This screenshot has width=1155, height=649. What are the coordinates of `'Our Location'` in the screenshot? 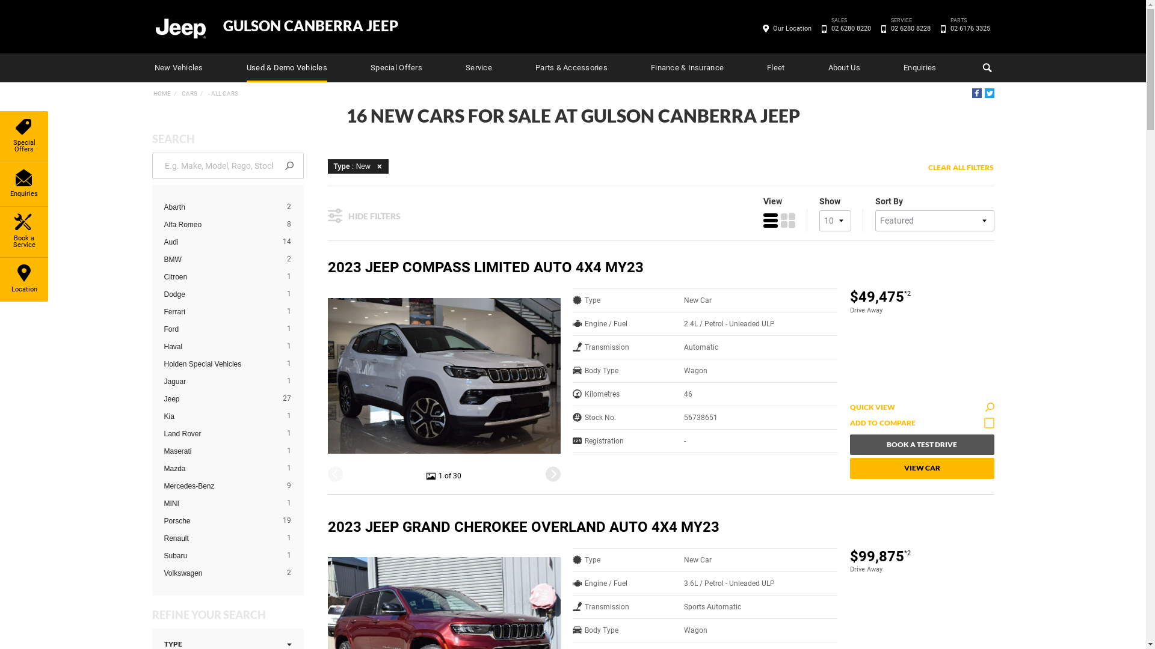 It's located at (768, 28).